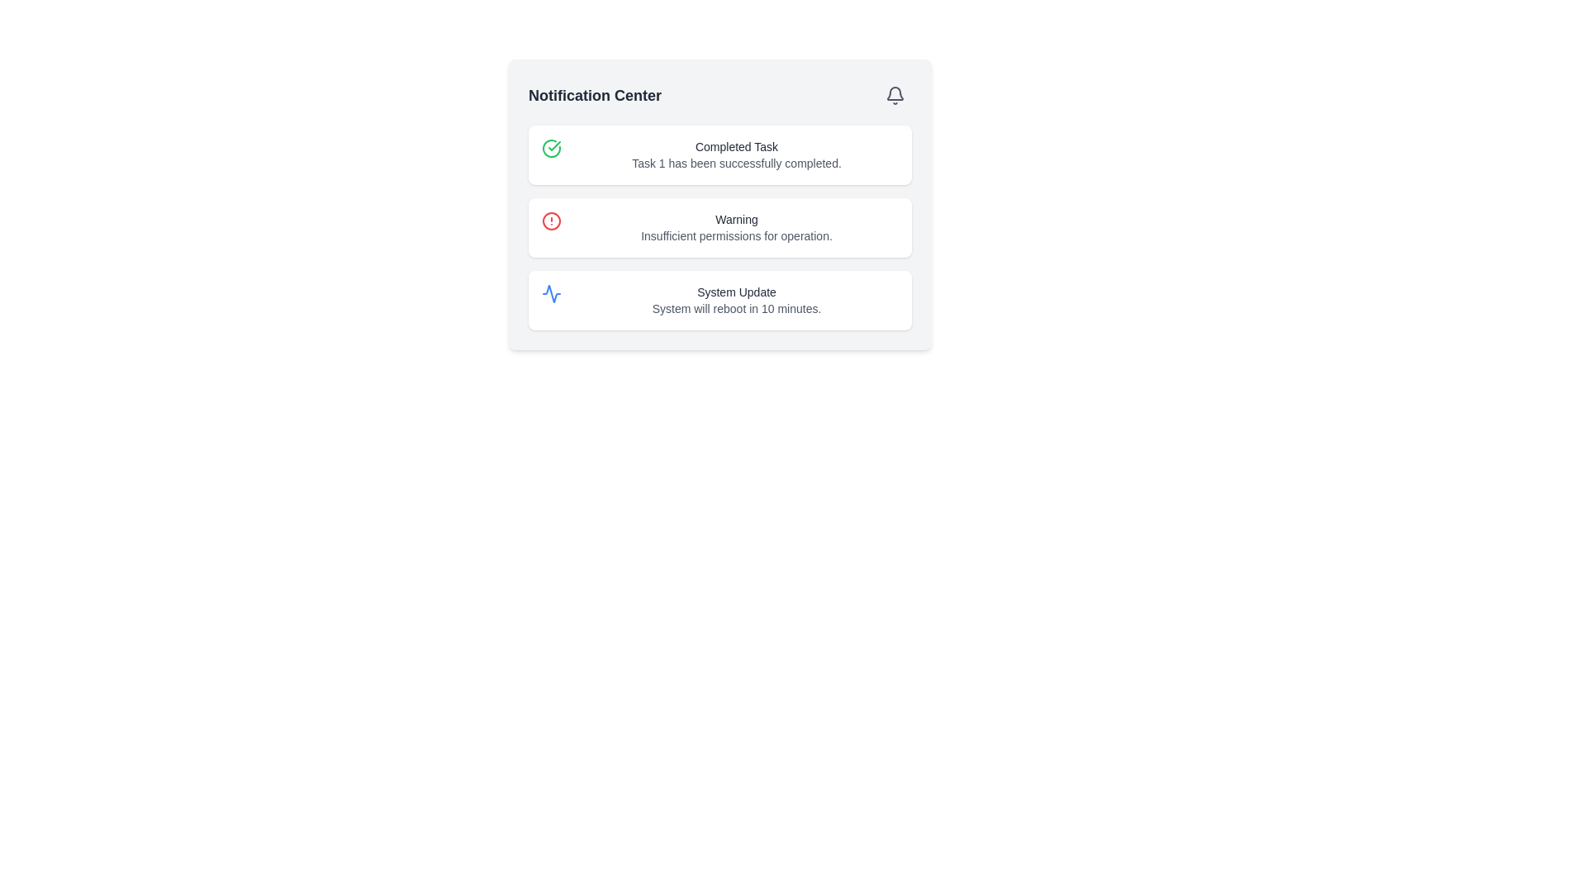 The width and height of the screenshot is (1586, 892). I want to click on the green checkmark icon in the notification panel, indicating completion of the task labeled 'Completed Task', so click(554, 145).